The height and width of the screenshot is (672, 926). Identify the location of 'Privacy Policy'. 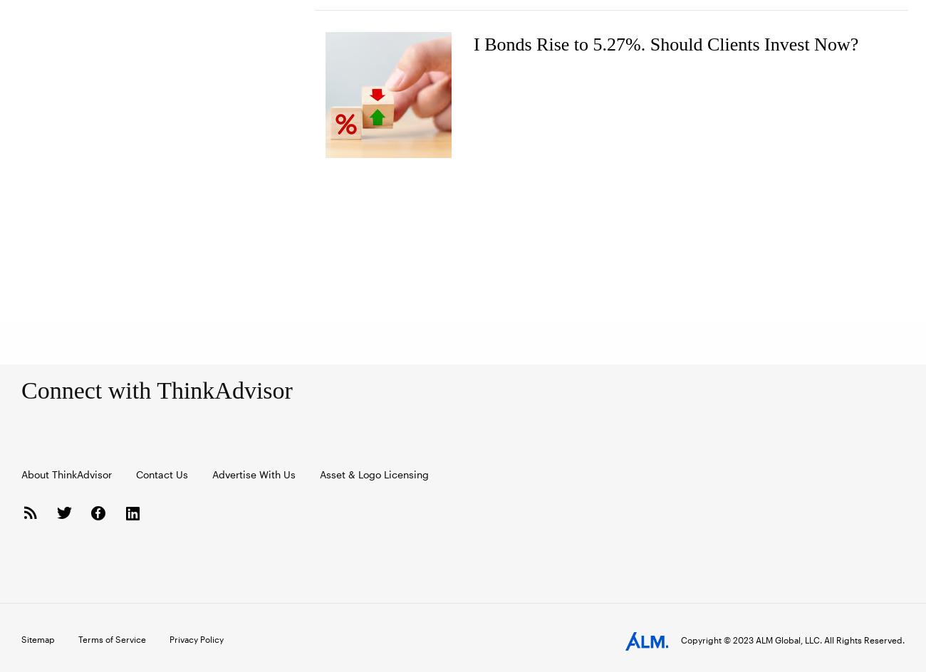
(196, 637).